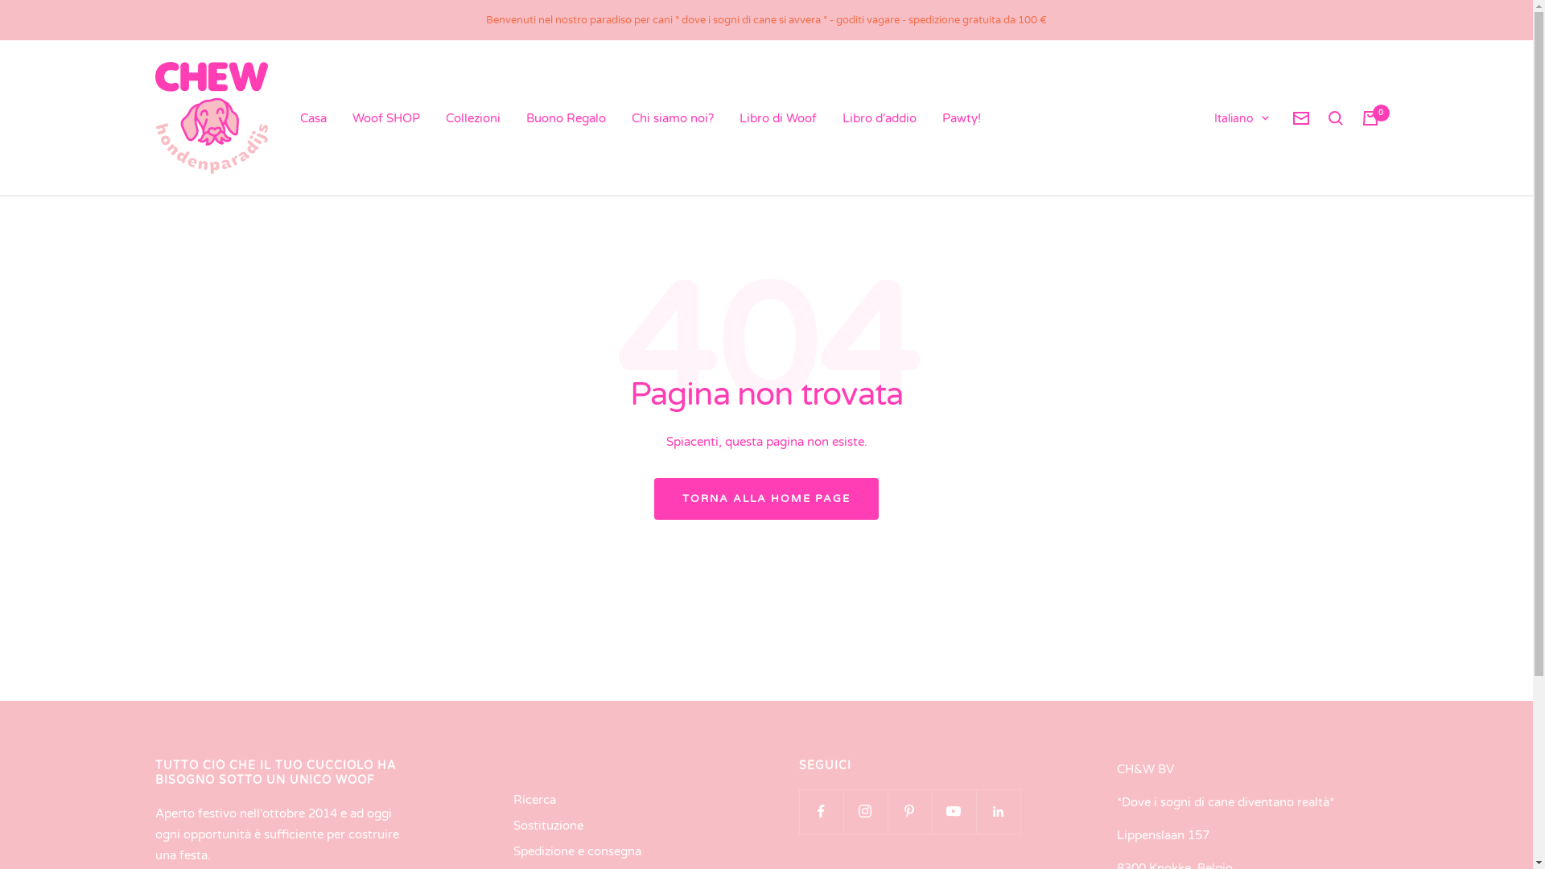  What do you see at coordinates (386, 117) in the screenshot?
I see `'Woof SHOP'` at bounding box center [386, 117].